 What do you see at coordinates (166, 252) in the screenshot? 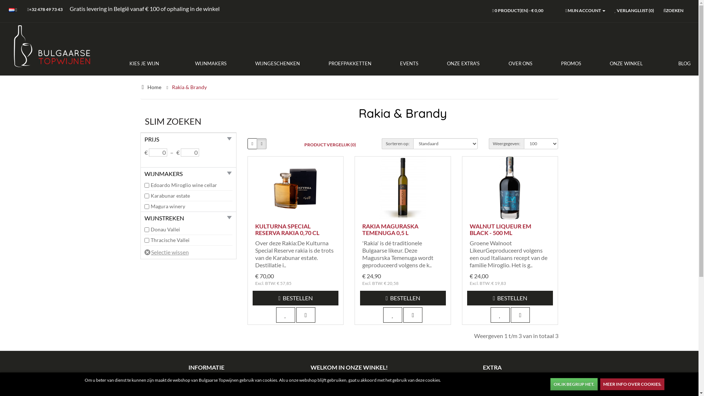
I see `'Selectie wissen'` at bounding box center [166, 252].